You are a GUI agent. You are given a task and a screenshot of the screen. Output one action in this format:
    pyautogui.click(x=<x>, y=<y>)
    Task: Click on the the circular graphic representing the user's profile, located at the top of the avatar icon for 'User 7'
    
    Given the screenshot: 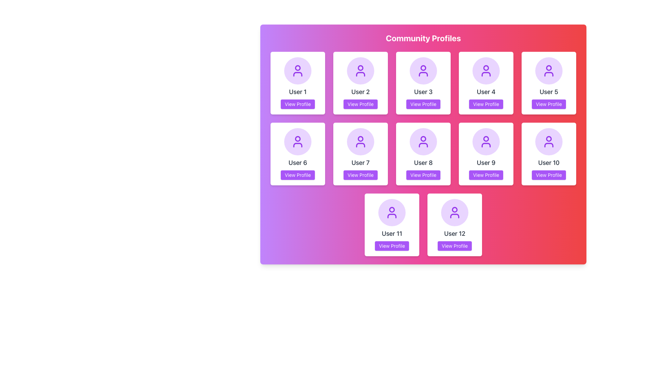 What is the action you would take?
    pyautogui.click(x=360, y=138)
    